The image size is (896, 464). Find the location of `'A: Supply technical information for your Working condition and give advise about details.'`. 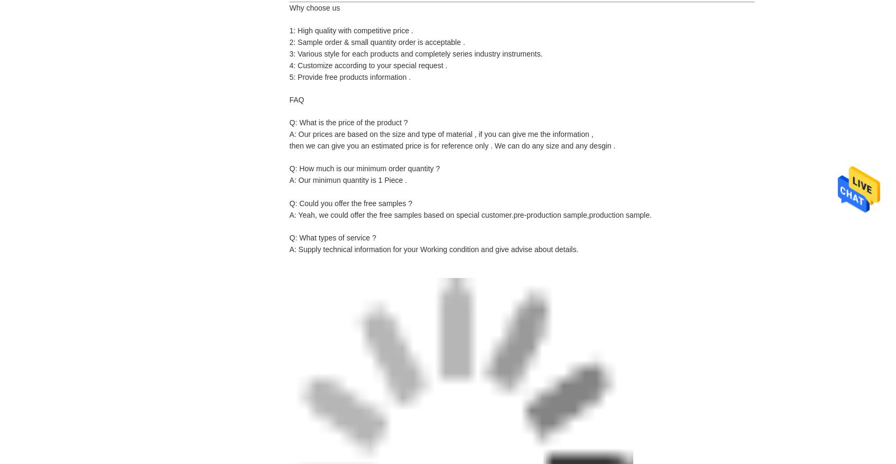

'A: Supply technical information for your Working condition and give advise about details.' is located at coordinates (433, 249).